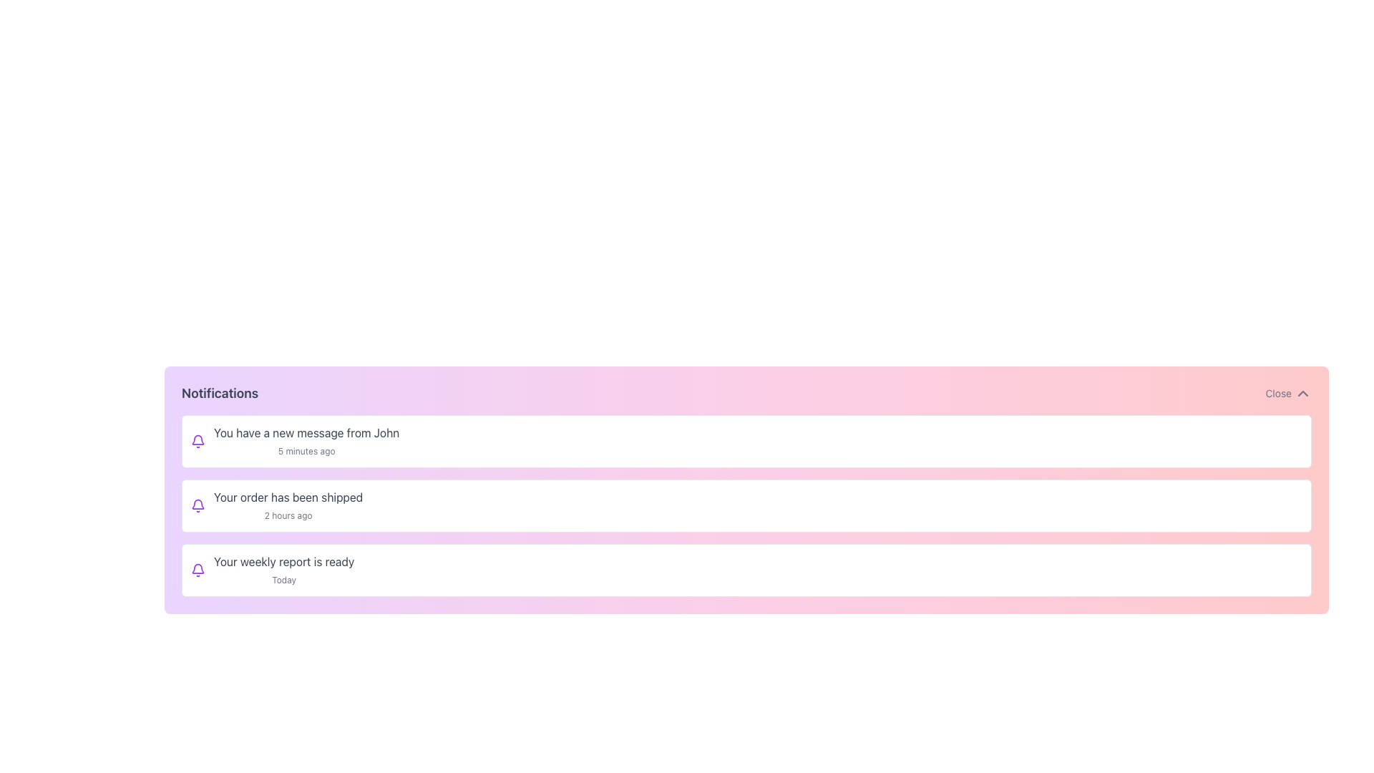  Describe the element at coordinates (198, 570) in the screenshot. I see `the notification icon that indicates the presence of information regarding the user's weekly report, located to the left of the text 'Your weekly report is ready'` at that location.